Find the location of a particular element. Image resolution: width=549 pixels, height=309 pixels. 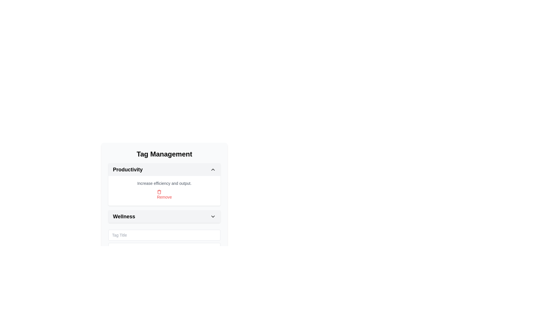

the red 'Remove' button with a trash can icon, located in the 'Productivity' section of the 'Tag Management' interface is located at coordinates (164, 195).